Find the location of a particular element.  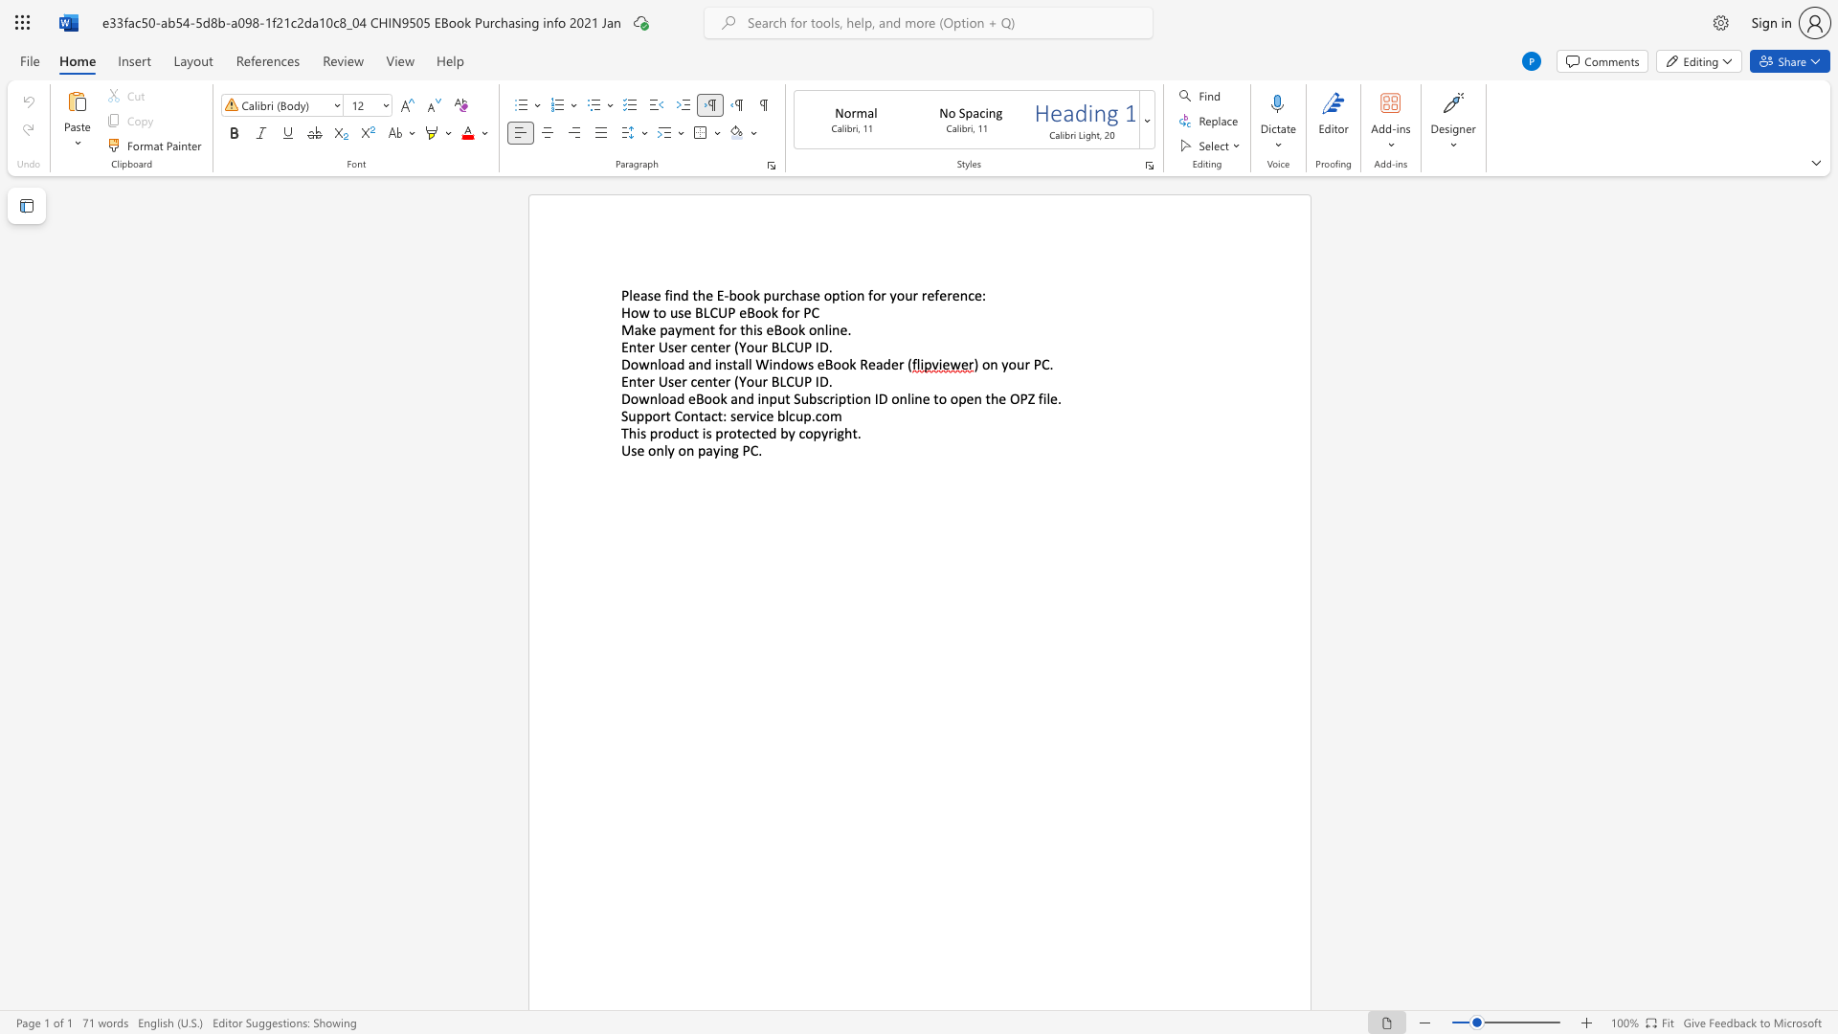

the subset text "cop" within the text "This product is protected by copyright." is located at coordinates (798, 433).